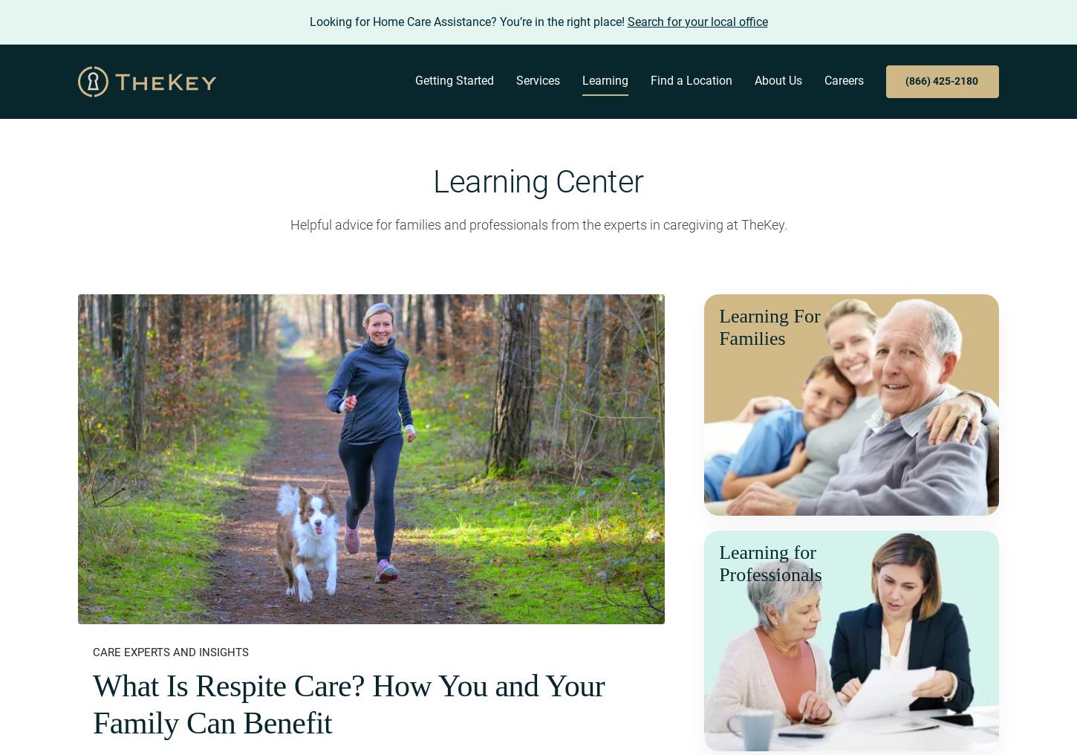 Image resolution: width=1077 pixels, height=755 pixels. What do you see at coordinates (711, 314) in the screenshot?
I see `'Press'` at bounding box center [711, 314].